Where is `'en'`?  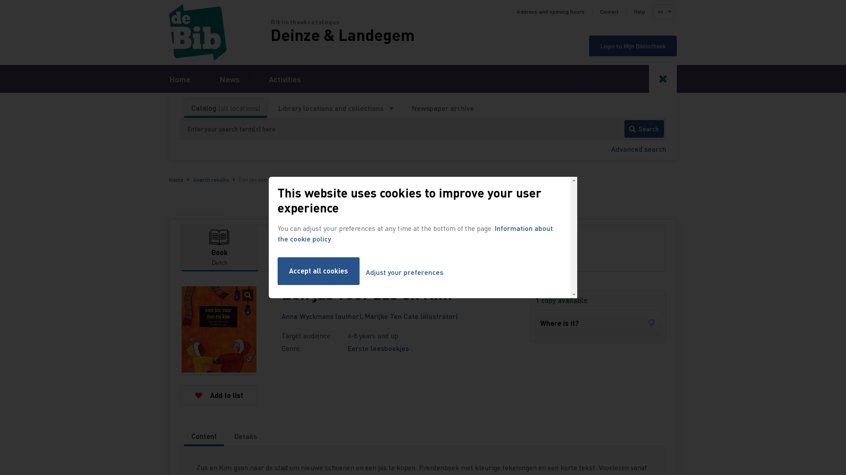 'en' is located at coordinates (664, 12).